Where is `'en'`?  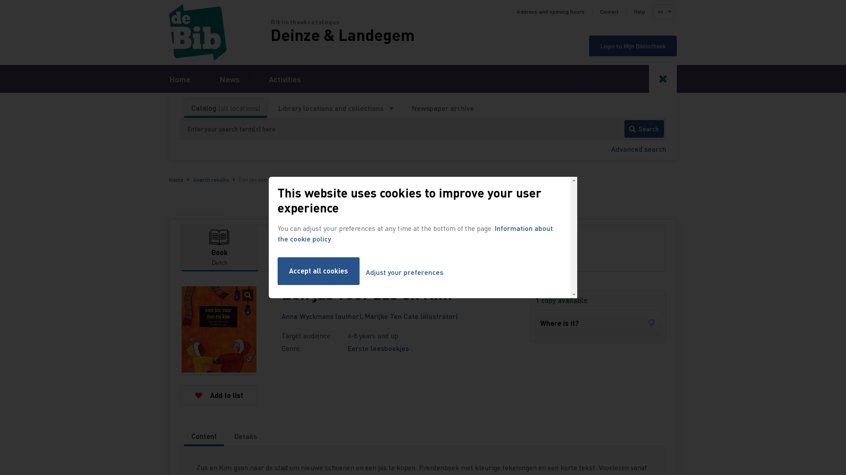 'en' is located at coordinates (664, 12).